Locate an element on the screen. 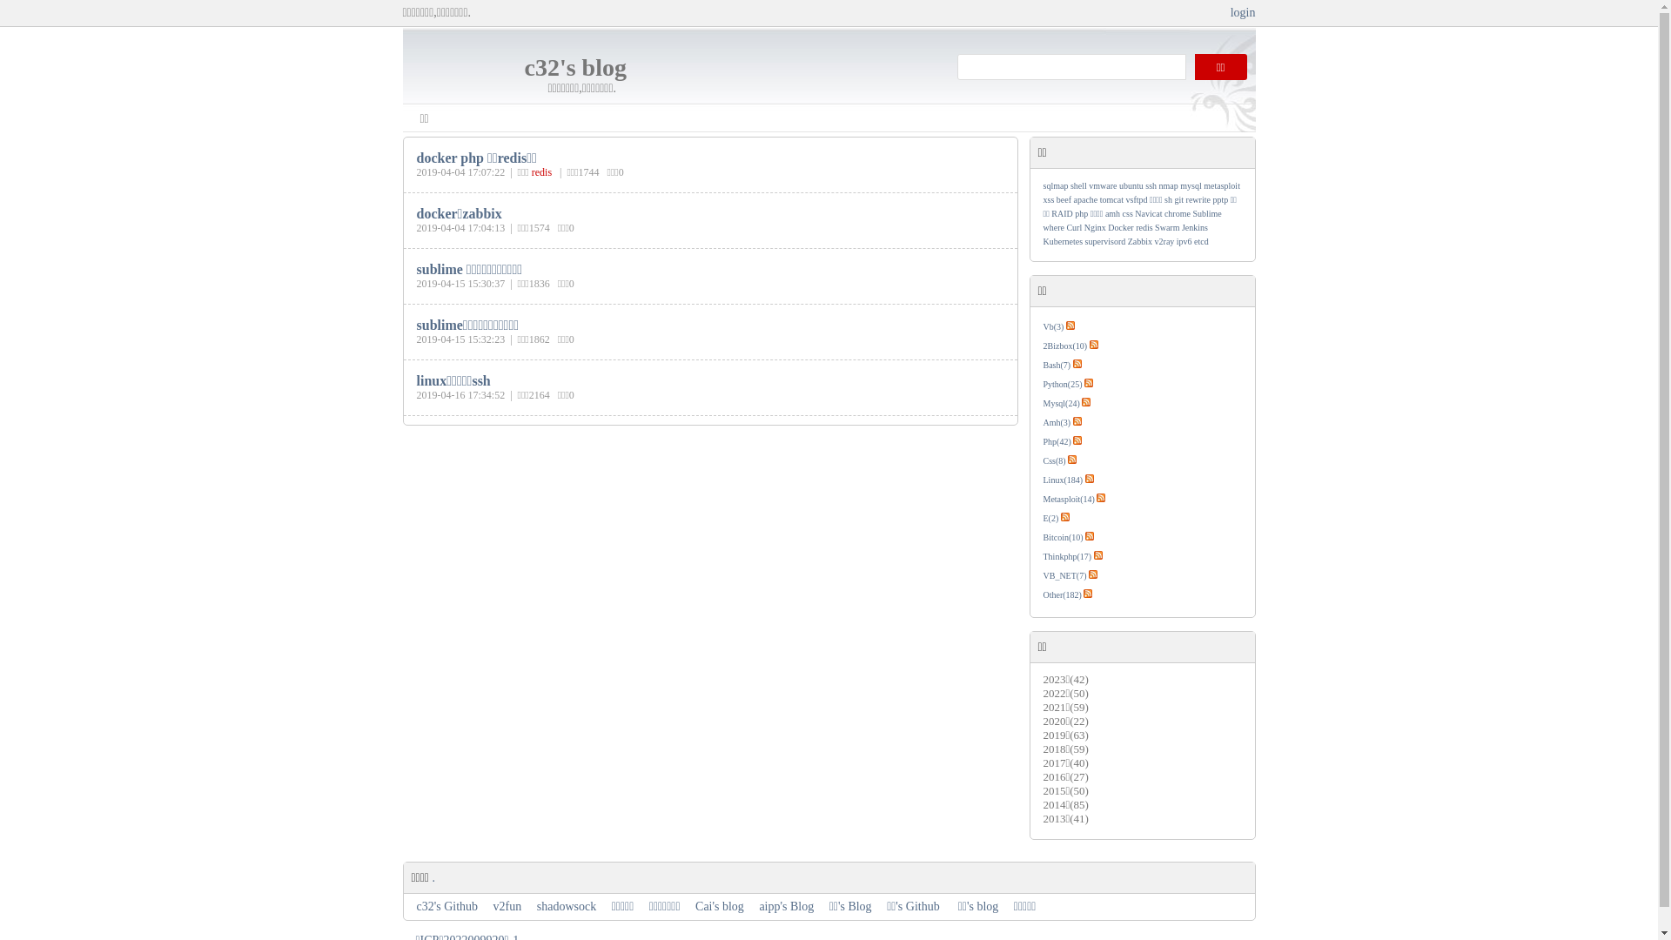 This screenshot has height=940, width=1671. 'shell' is located at coordinates (1077, 185).